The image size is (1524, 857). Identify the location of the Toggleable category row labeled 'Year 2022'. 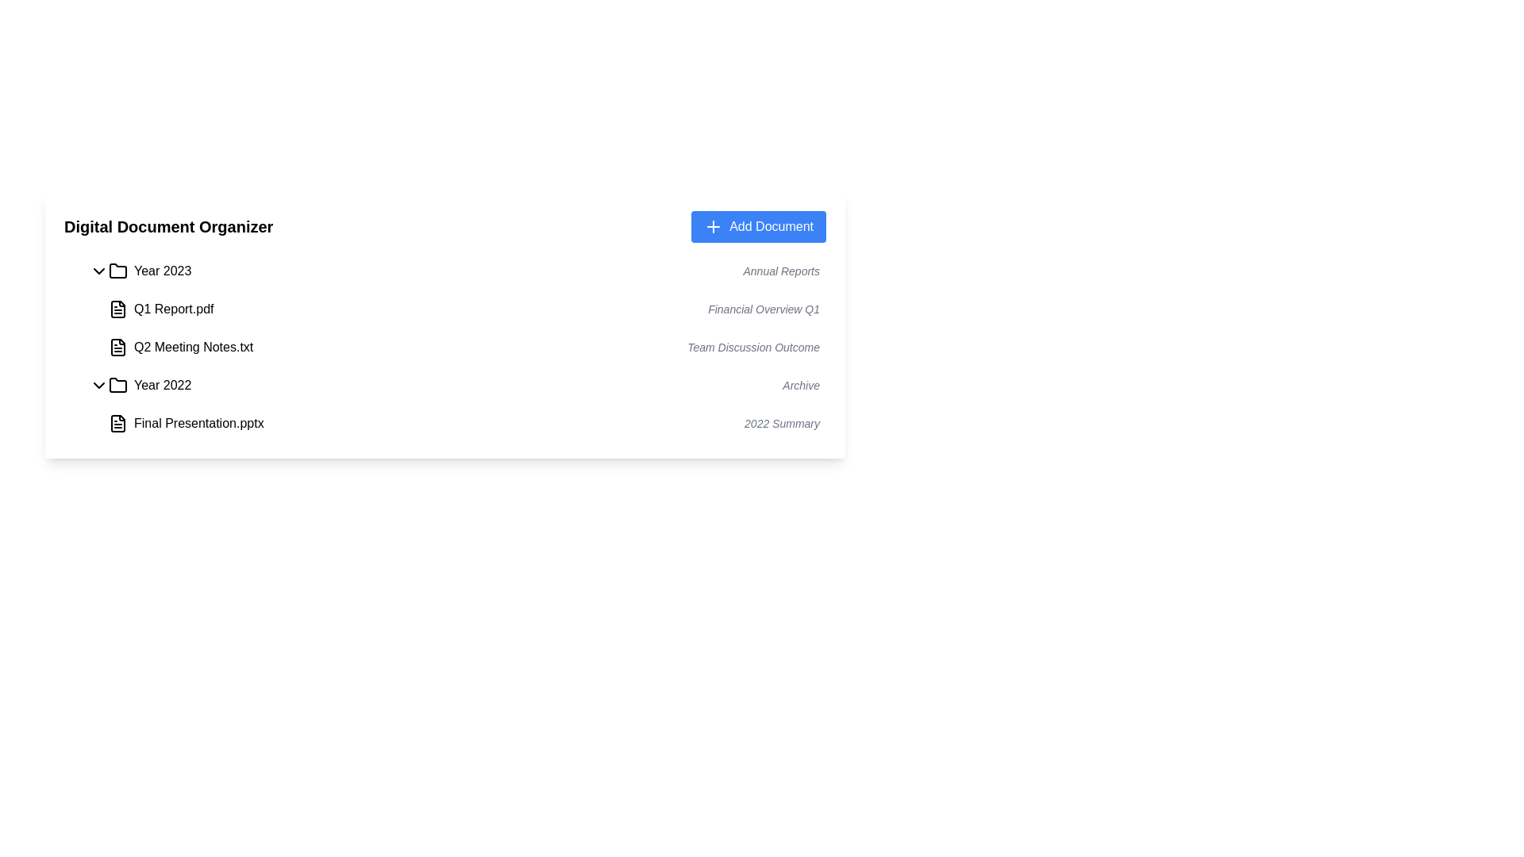
(453, 386).